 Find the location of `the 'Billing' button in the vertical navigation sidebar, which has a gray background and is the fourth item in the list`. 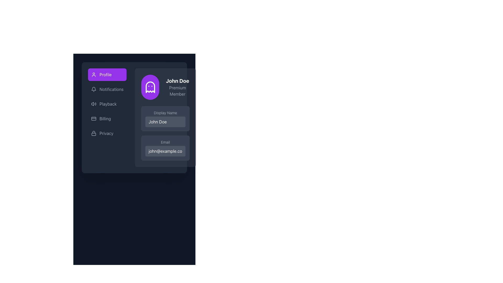

the 'Billing' button in the vertical navigation sidebar, which has a gray background and is the fourth item in the list is located at coordinates (107, 117).